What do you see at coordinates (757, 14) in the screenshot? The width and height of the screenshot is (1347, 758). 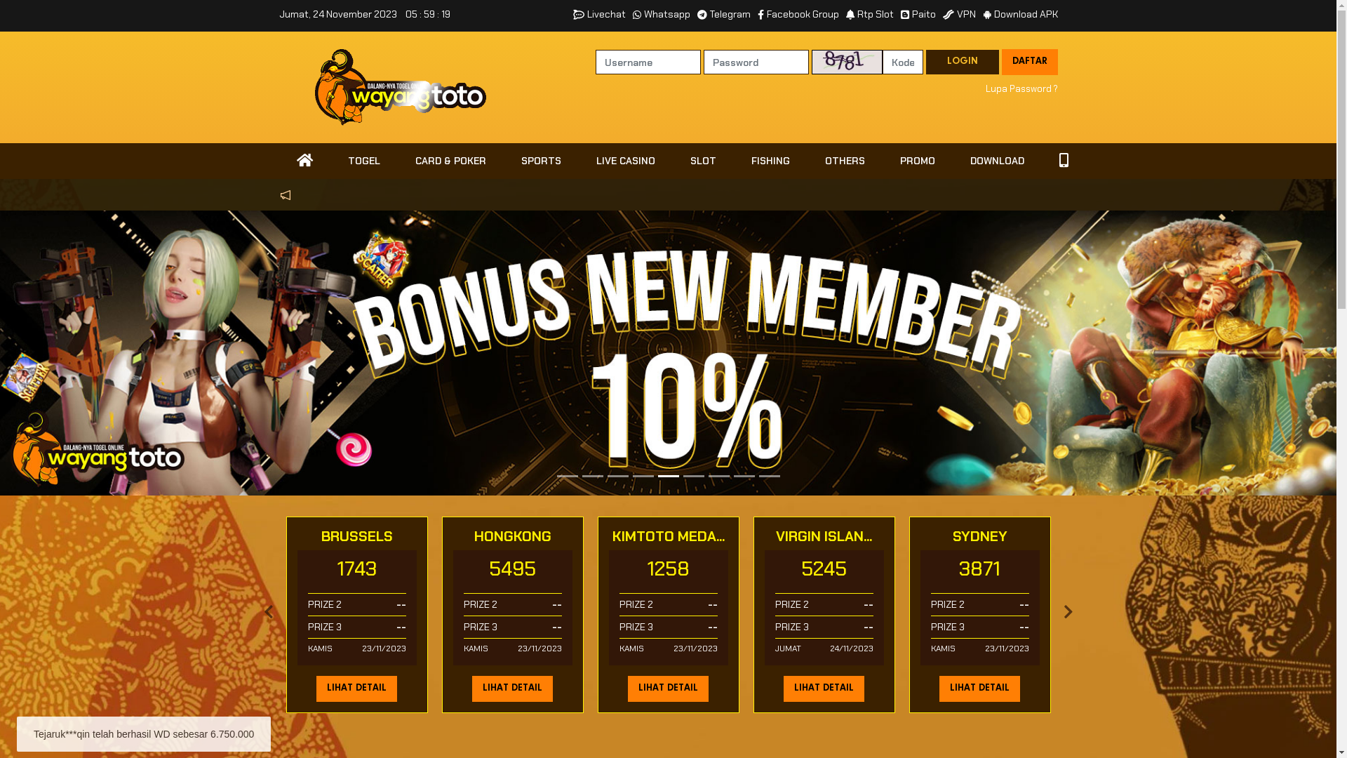 I see `'Facebook Group'` at bounding box center [757, 14].